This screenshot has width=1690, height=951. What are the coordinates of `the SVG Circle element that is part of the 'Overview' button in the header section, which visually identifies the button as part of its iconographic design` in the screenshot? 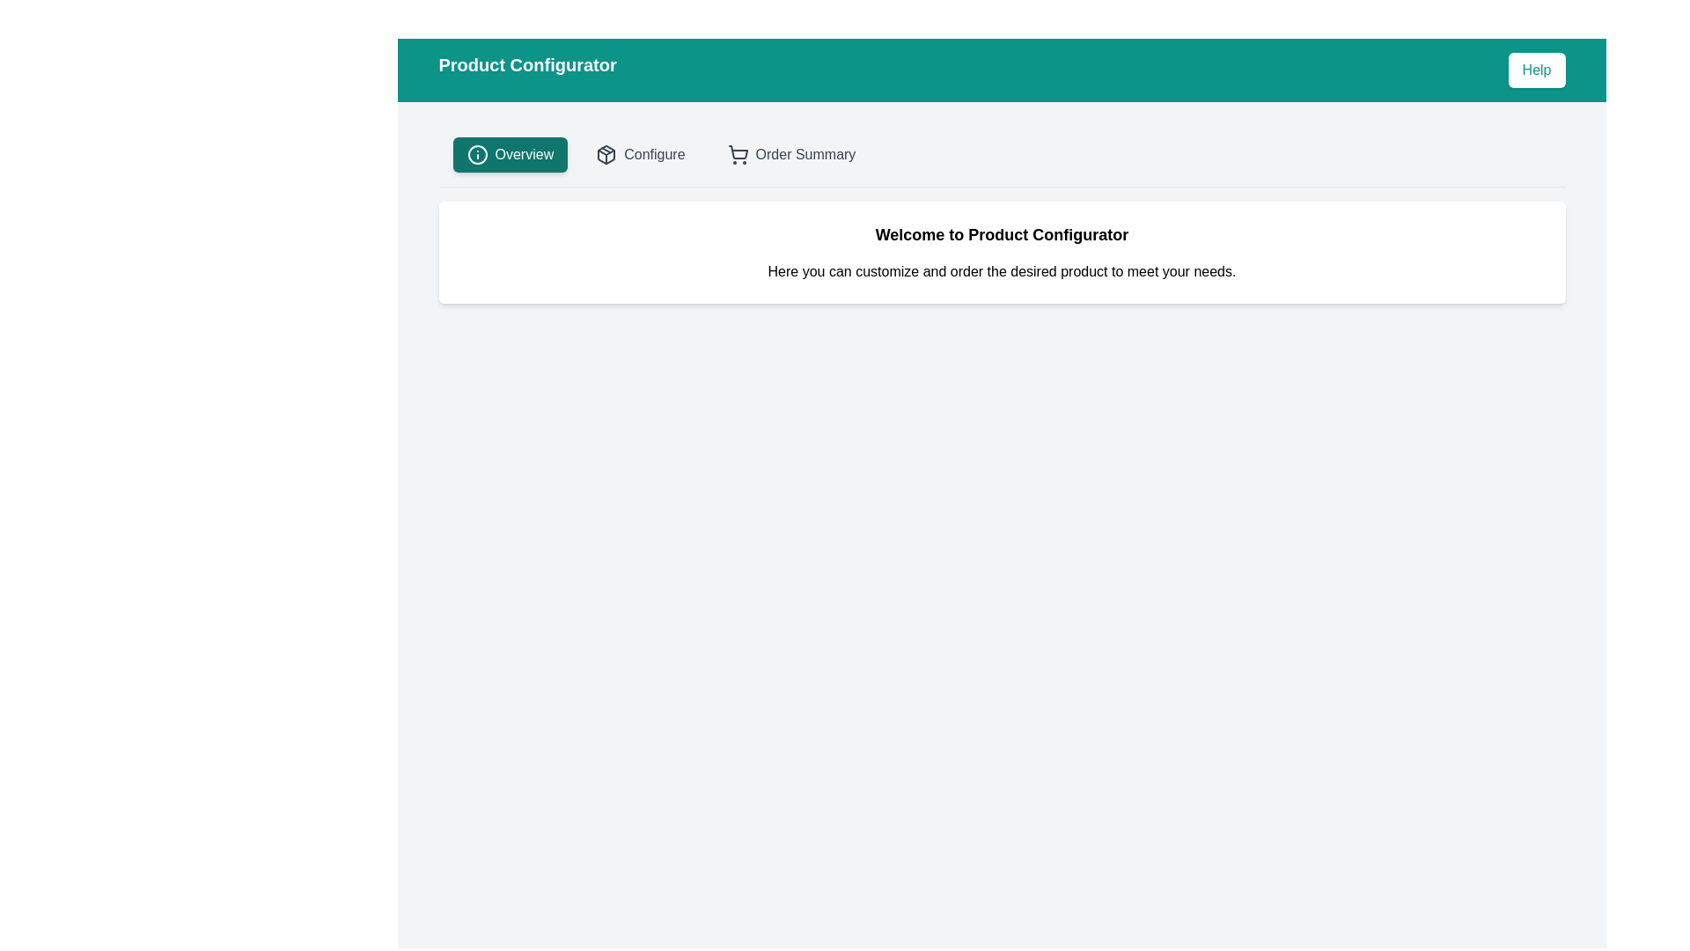 It's located at (477, 154).